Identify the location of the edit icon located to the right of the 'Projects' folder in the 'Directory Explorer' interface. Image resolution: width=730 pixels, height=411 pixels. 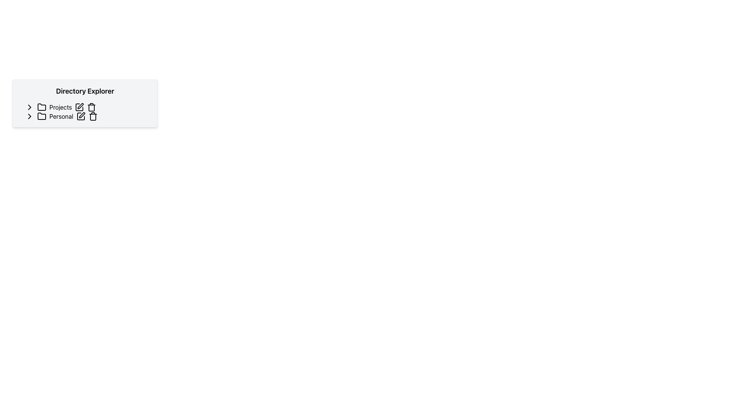
(81, 106).